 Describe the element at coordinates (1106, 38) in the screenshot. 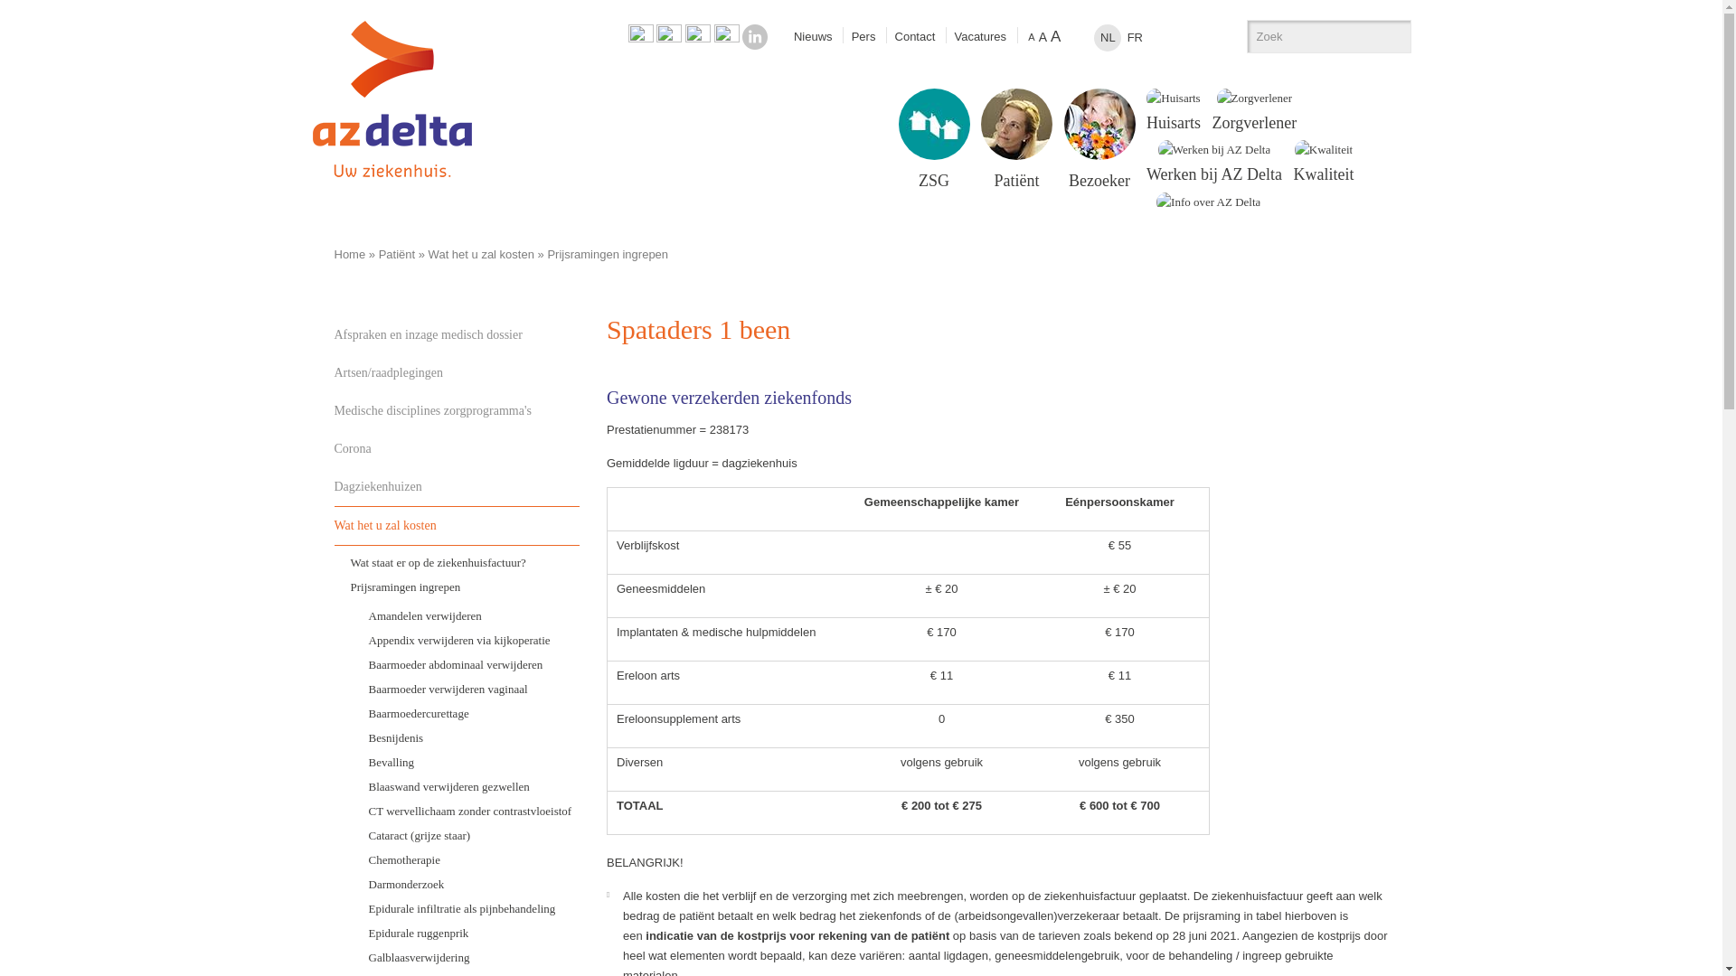

I see `'NL'` at that location.